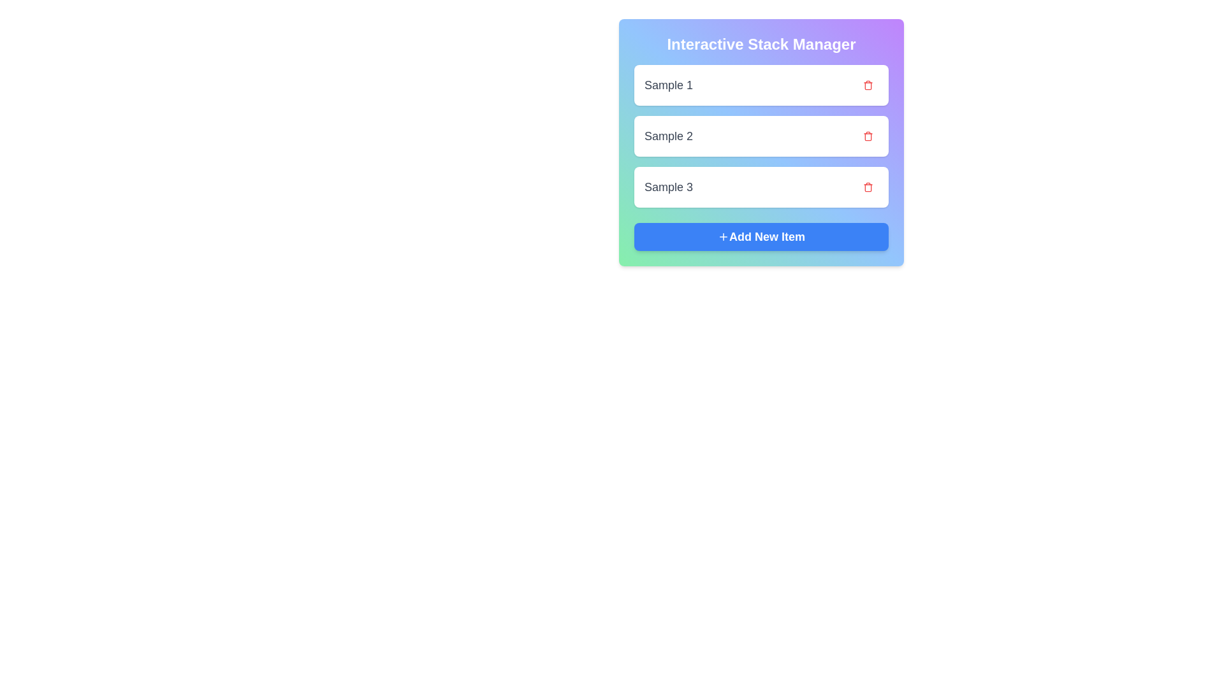 The image size is (1224, 688). Describe the element at coordinates (868, 187) in the screenshot. I see `the delete icon button adjacent to the text 'Sample 3'` at that location.